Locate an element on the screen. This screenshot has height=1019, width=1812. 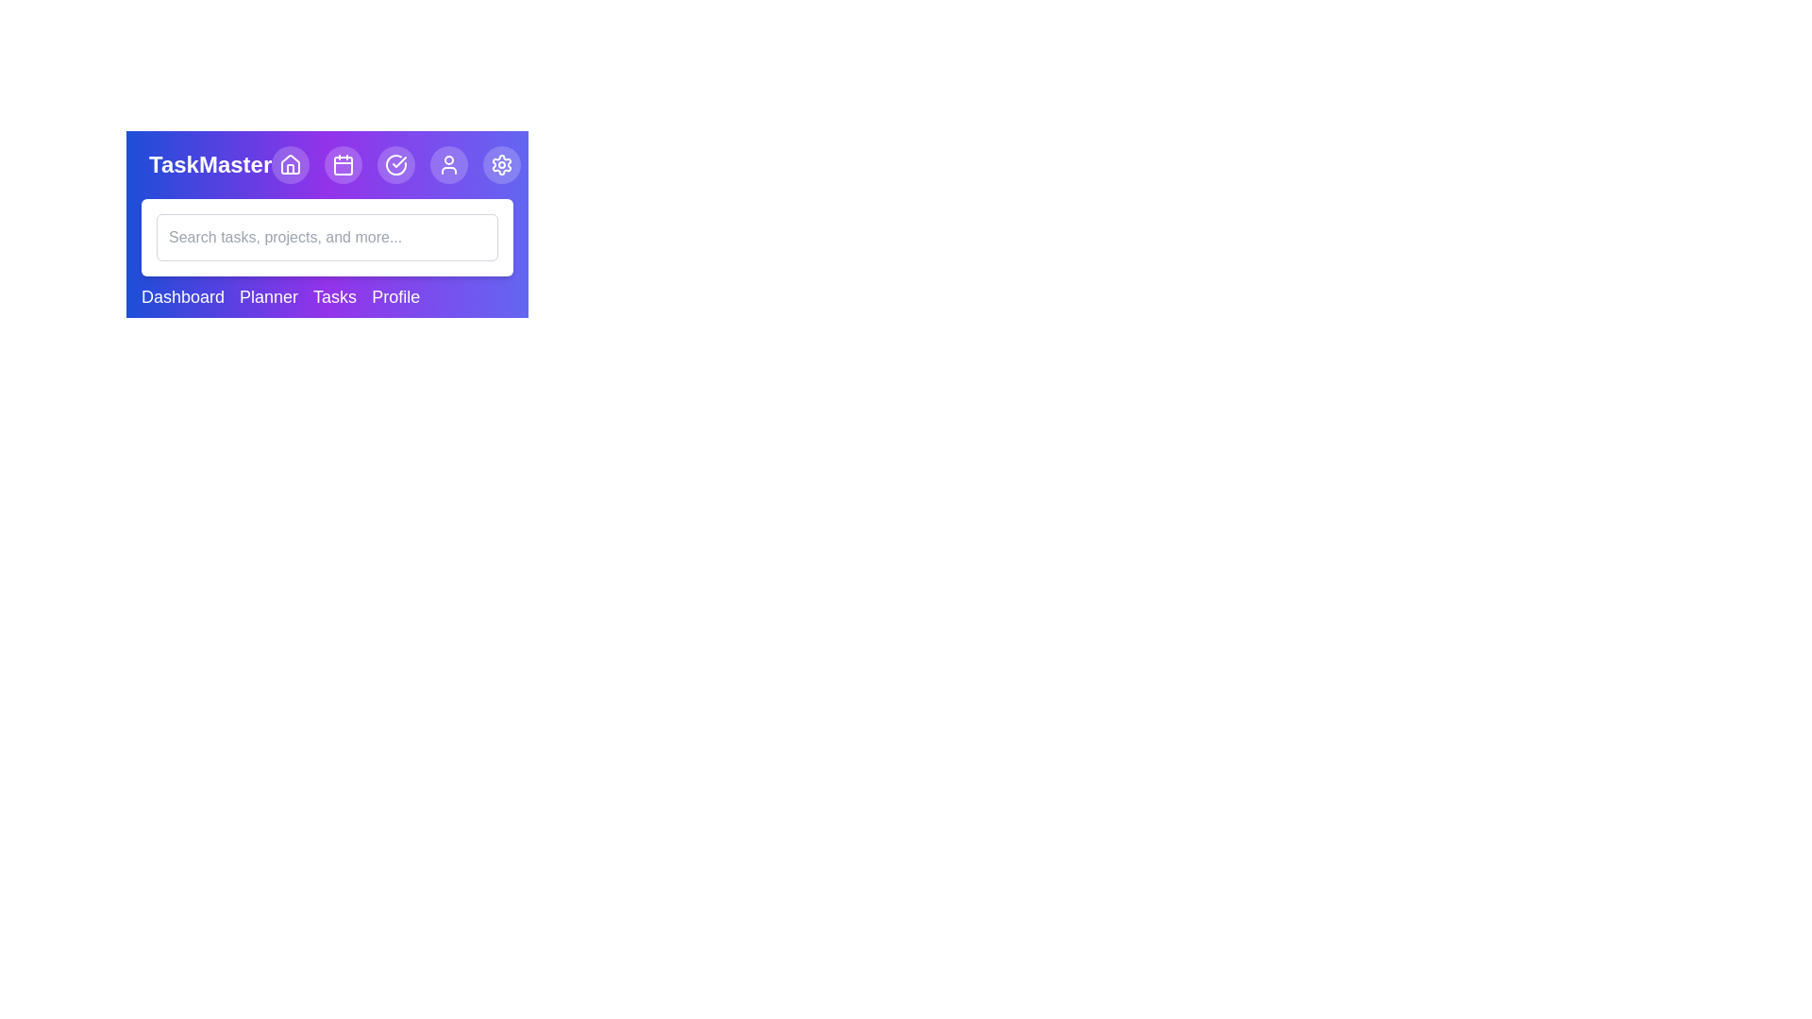
the navigation icon corresponding to CheckCircle is located at coordinates (395, 163).